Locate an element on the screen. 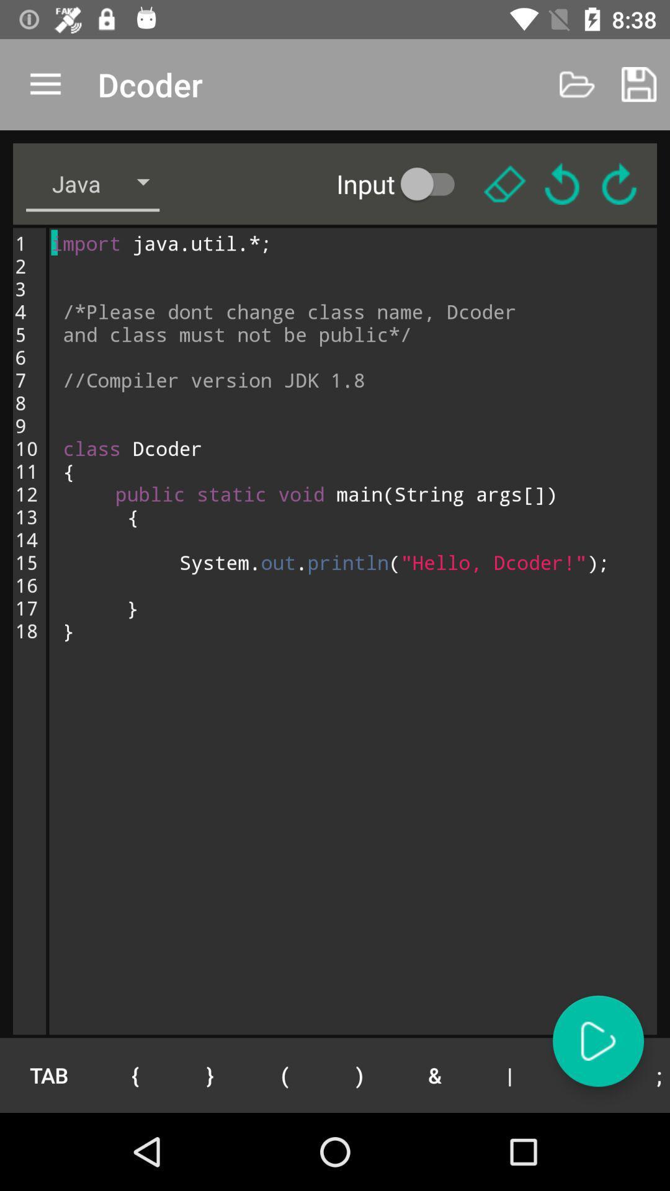 Image resolution: width=670 pixels, height=1191 pixels. reload is located at coordinates (619, 183).